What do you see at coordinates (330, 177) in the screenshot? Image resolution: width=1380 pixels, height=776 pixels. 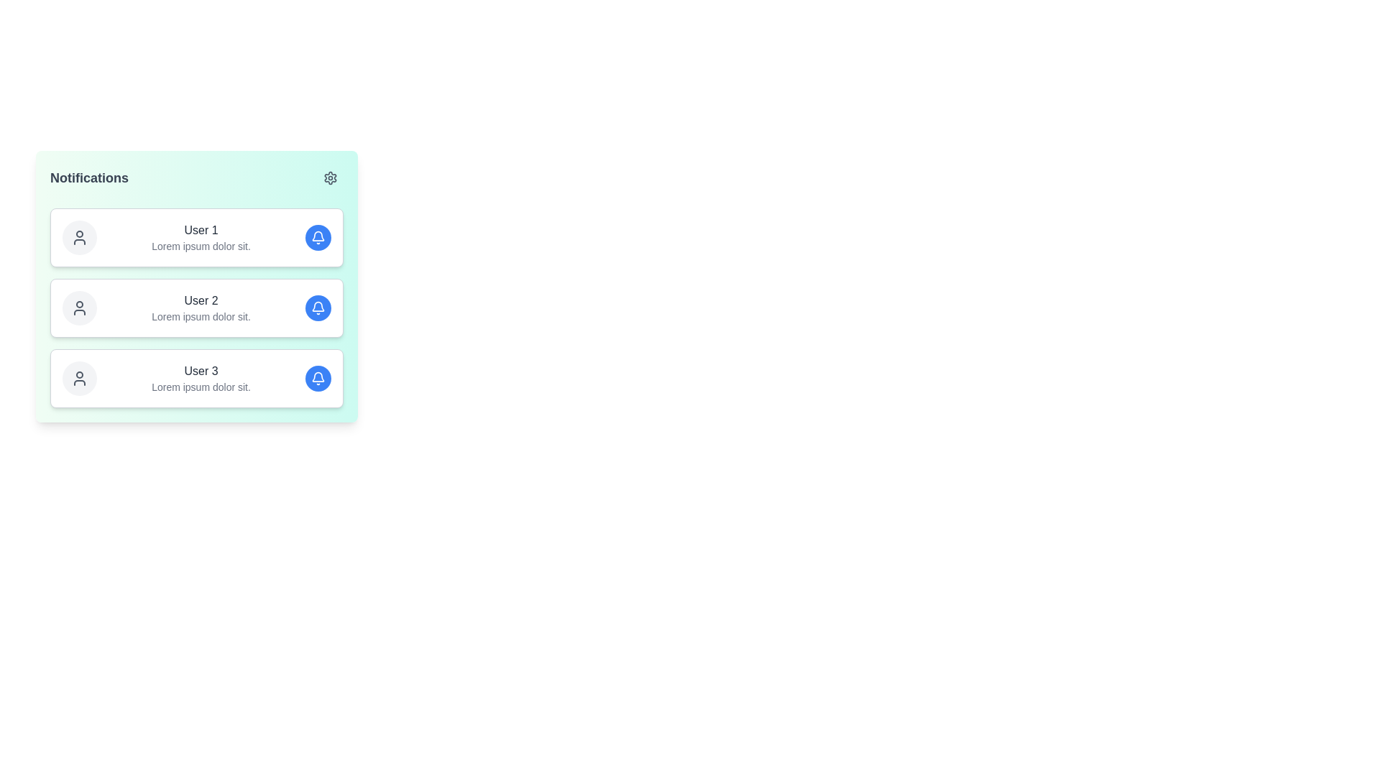 I see `the settings button located in the top-right corner of the notifications card, which is visually aligned with the 'Notifications' title` at bounding box center [330, 177].